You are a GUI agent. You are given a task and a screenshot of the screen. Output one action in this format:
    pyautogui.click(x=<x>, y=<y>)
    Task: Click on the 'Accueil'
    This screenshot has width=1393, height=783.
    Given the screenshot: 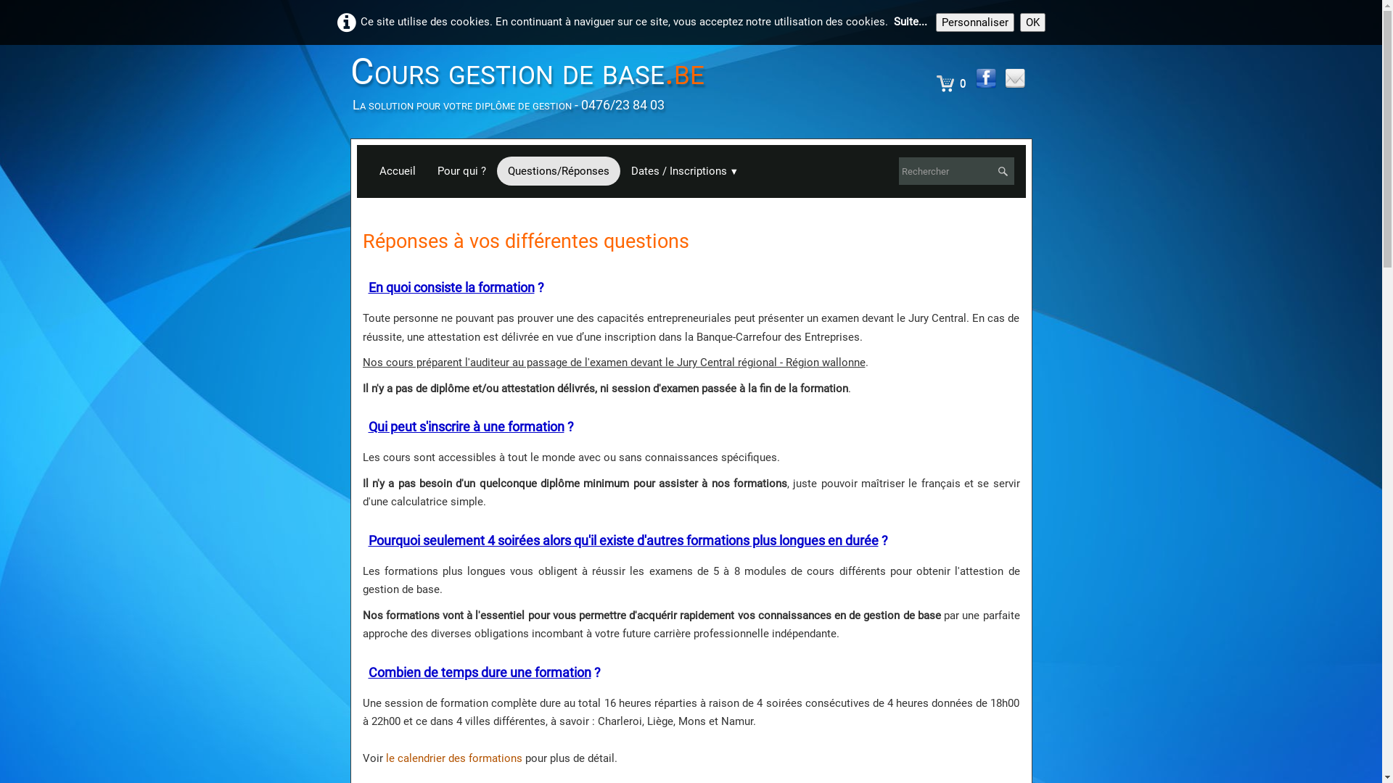 What is the action you would take?
    pyautogui.click(x=397, y=170)
    